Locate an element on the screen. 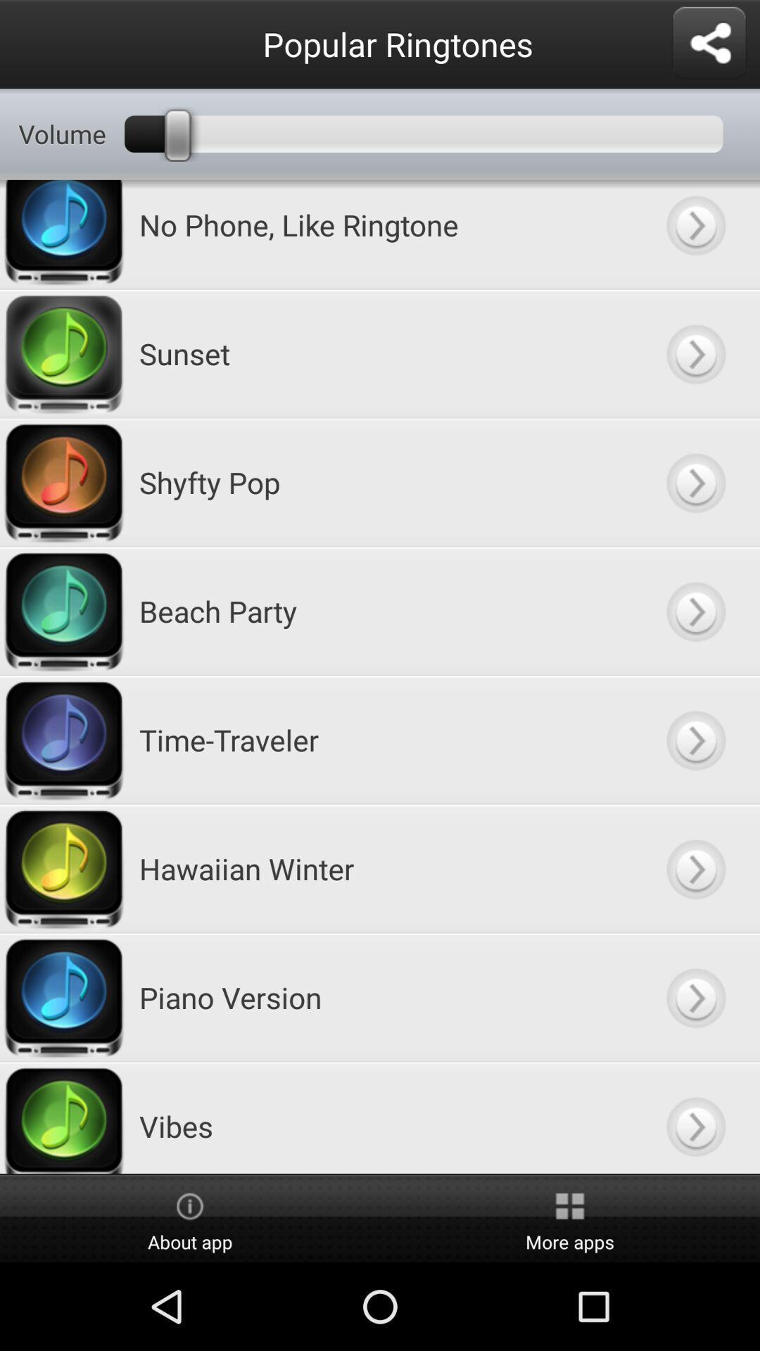  show more information is located at coordinates (695, 234).